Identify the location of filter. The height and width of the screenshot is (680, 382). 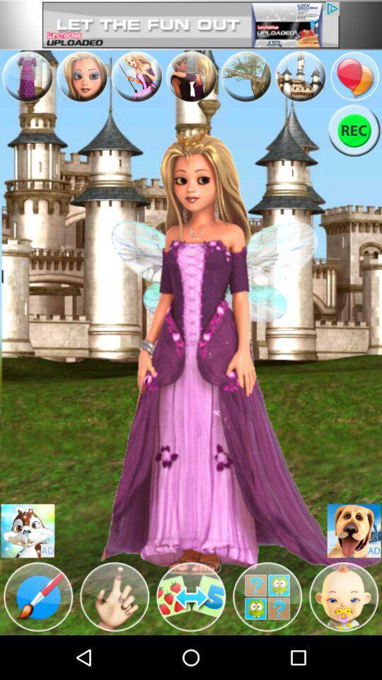
(267, 596).